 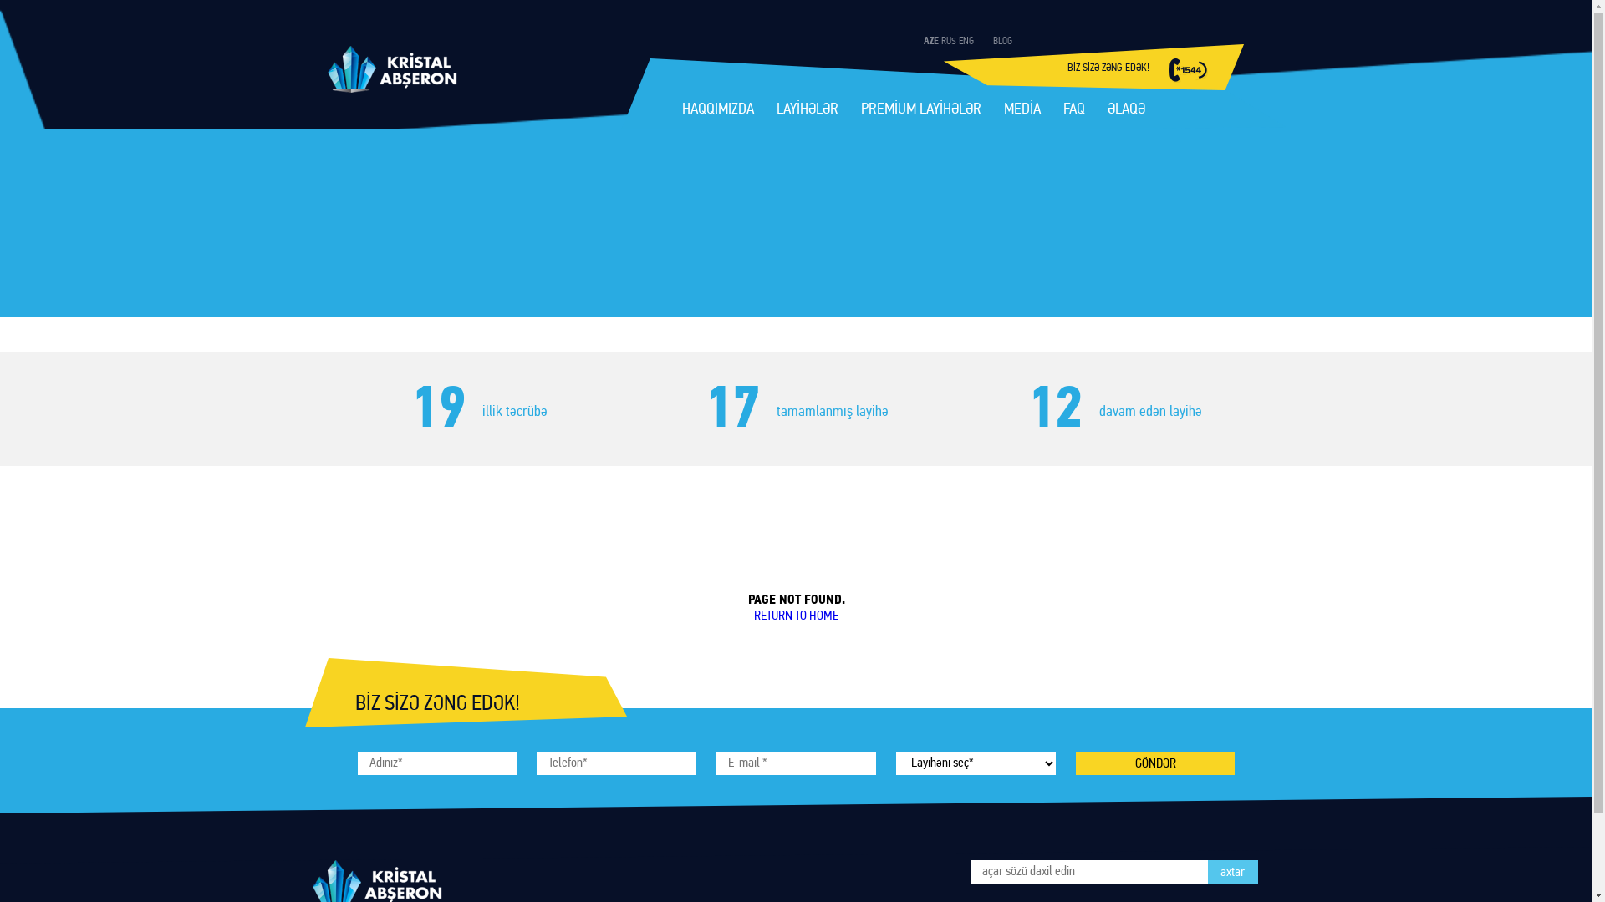 What do you see at coordinates (966, 41) in the screenshot?
I see `'ENG'` at bounding box center [966, 41].